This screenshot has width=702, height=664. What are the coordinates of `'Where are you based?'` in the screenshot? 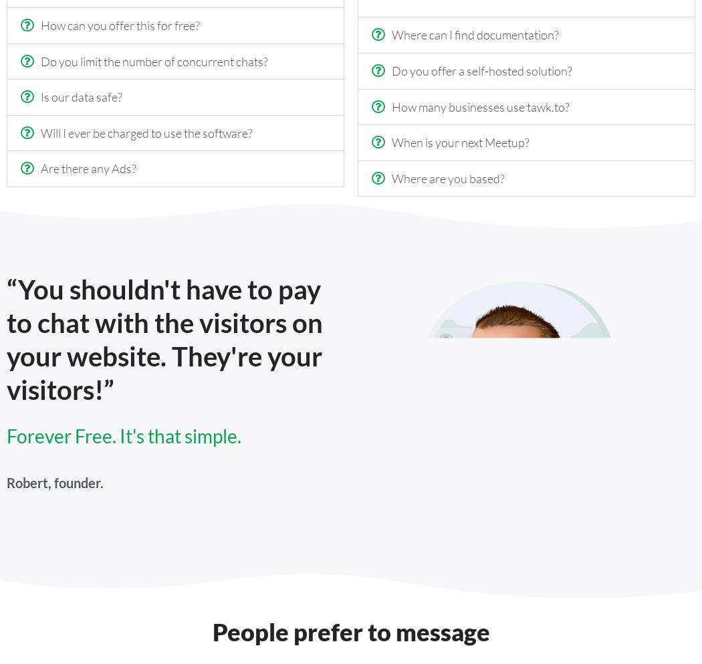 It's located at (447, 177).